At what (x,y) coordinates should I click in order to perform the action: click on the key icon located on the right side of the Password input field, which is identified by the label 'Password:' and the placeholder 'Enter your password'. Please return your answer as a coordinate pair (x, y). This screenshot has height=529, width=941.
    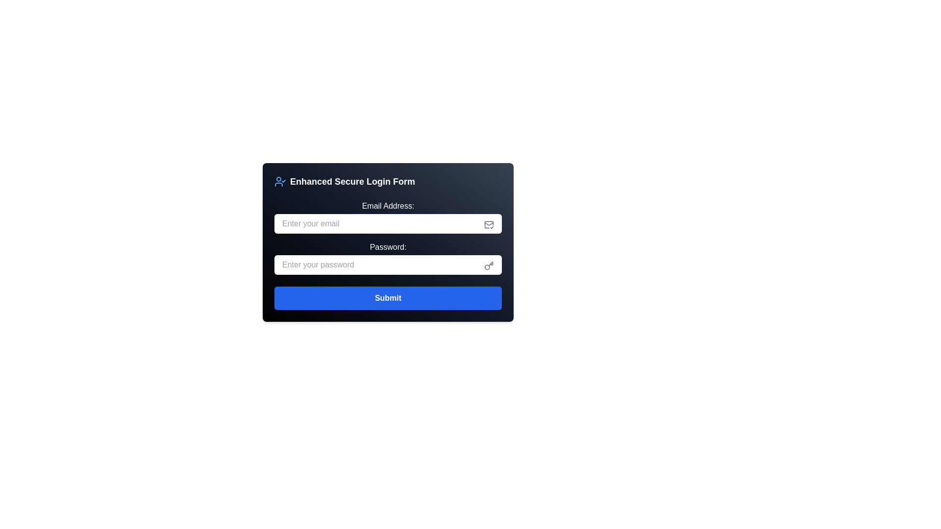
    Looking at the image, I should click on (388, 258).